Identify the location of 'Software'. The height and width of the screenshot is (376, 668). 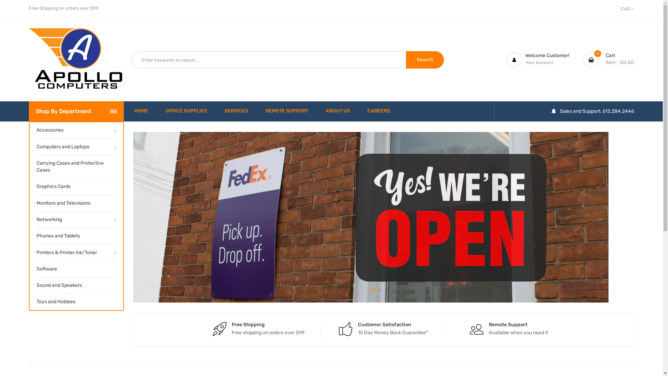
(36, 268).